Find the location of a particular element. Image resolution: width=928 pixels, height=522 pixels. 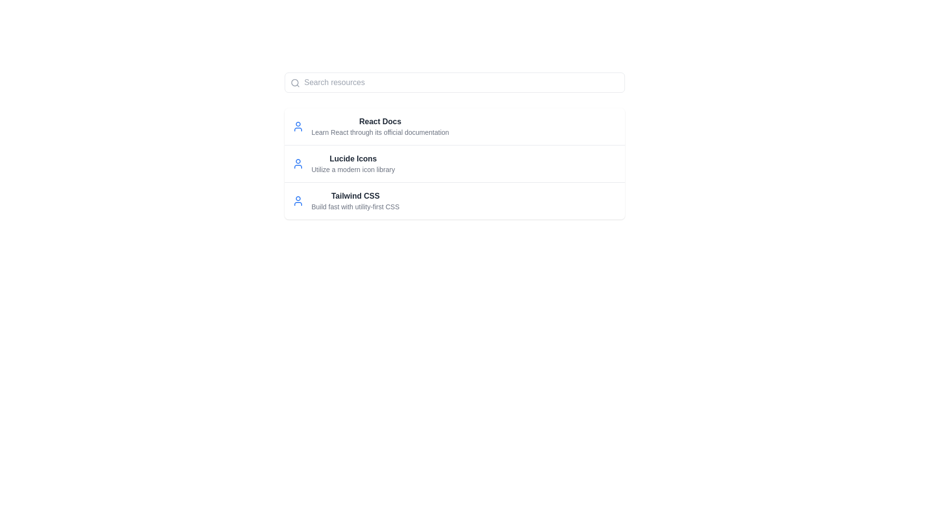

descriptive text located directly under the 'React Docs' title, which provides information about the linked resource related to React documentation is located at coordinates (379, 132).